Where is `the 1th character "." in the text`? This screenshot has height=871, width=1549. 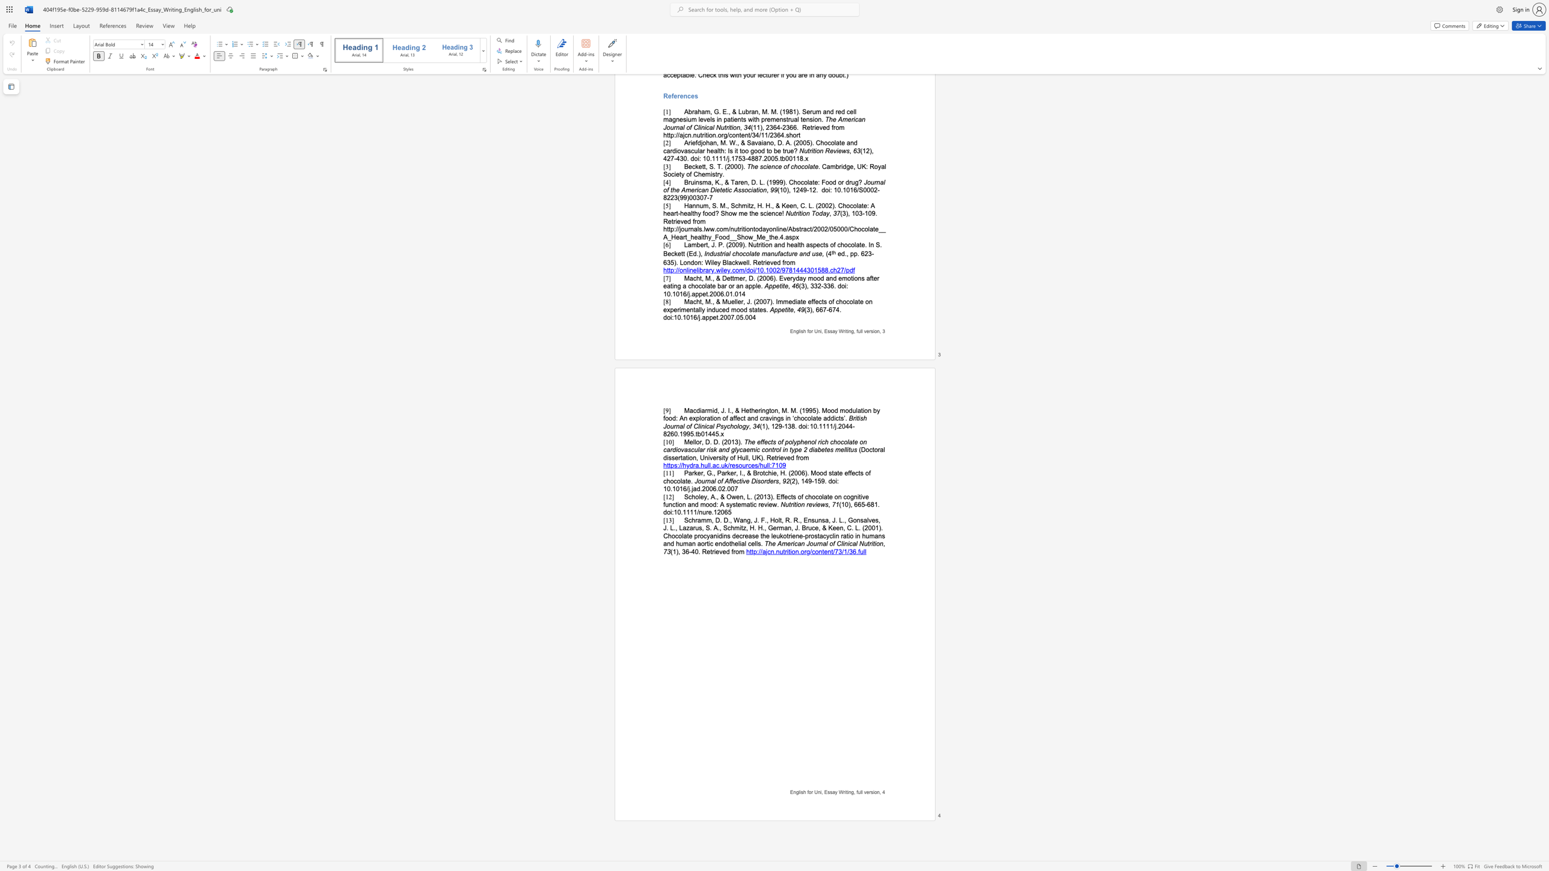
the 1th character "." in the text is located at coordinates (671, 489).